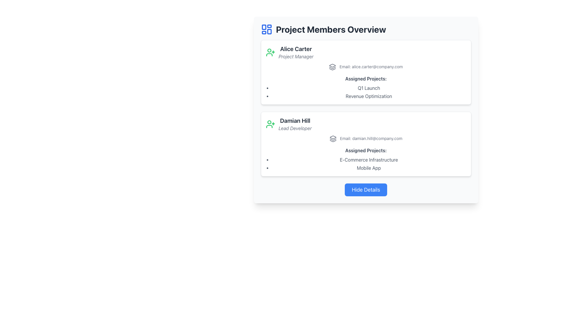 This screenshot has width=561, height=315. I want to click on the text label displaying 'Mobile App' in dark gray color, which is the second item in the bulleted list under 'Assigned Projects' in Damian Hill's profile section, so click(368, 168).